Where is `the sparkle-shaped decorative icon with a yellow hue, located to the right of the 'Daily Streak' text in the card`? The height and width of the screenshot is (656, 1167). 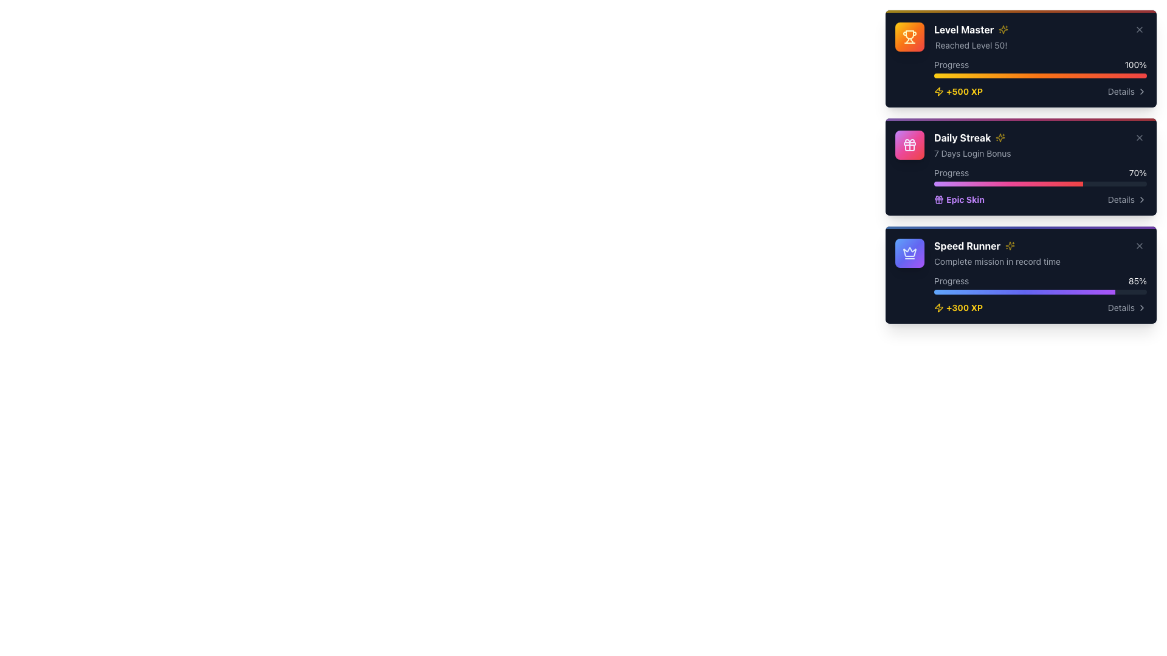
the sparkle-shaped decorative icon with a yellow hue, located to the right of the 'Daily Streak' text in the card is located at coordinates (1000, 137).